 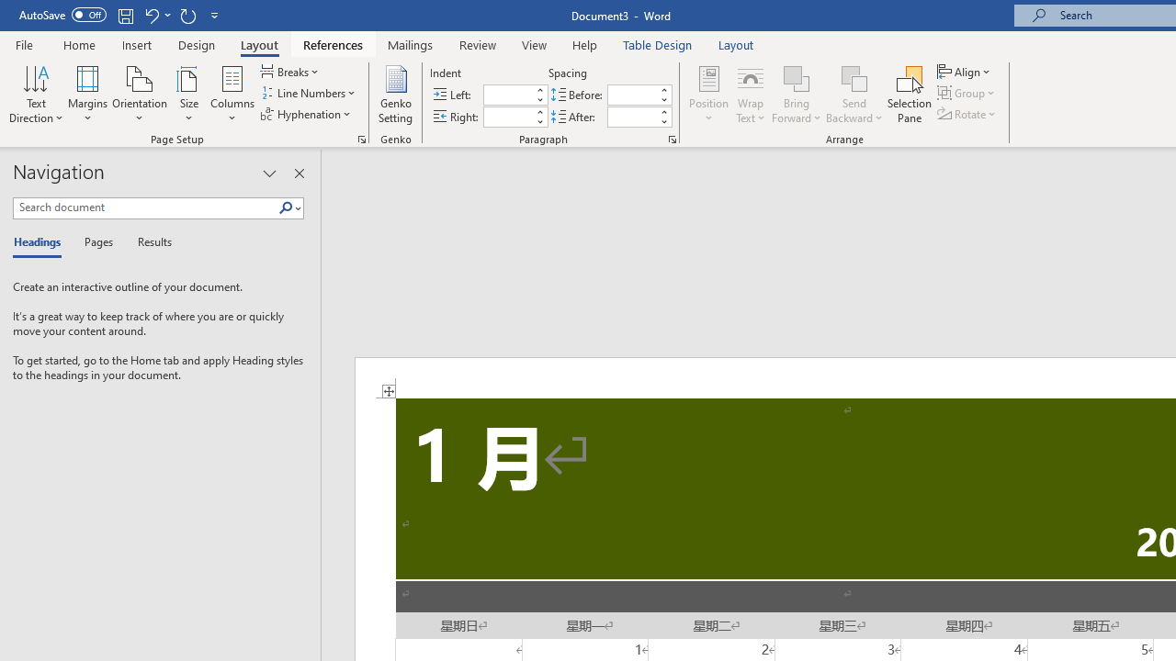 I want to click on 'Bring Forward', so click(x=797, y=95).